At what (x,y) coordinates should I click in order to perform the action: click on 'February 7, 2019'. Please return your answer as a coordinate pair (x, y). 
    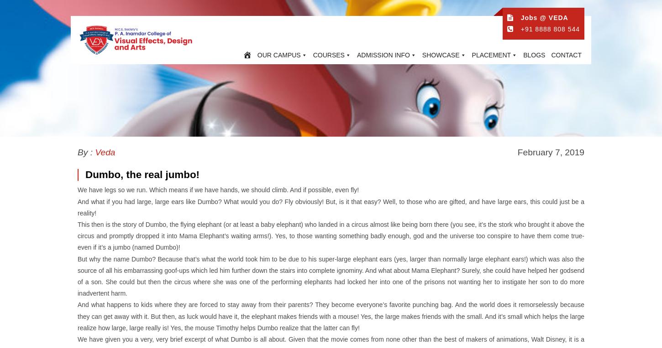
    Looking at the image, I should click on (550, 152).